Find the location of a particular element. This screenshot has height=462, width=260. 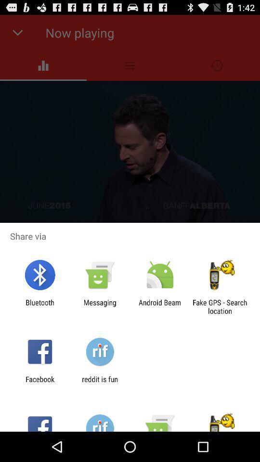

the item to the right of facebook is located at coordinates (99, 383).